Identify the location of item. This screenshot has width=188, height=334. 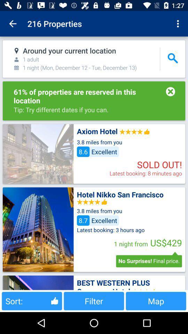
(38, 229).